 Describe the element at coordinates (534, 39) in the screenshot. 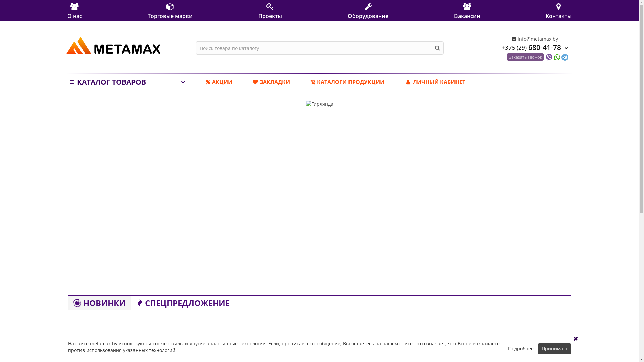

I see `'info@metamax.by'` at that location.